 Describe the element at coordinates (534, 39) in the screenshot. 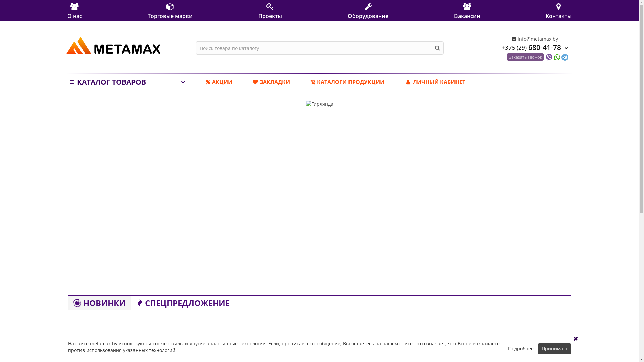

I see `'info@metamax.by'` at that location.